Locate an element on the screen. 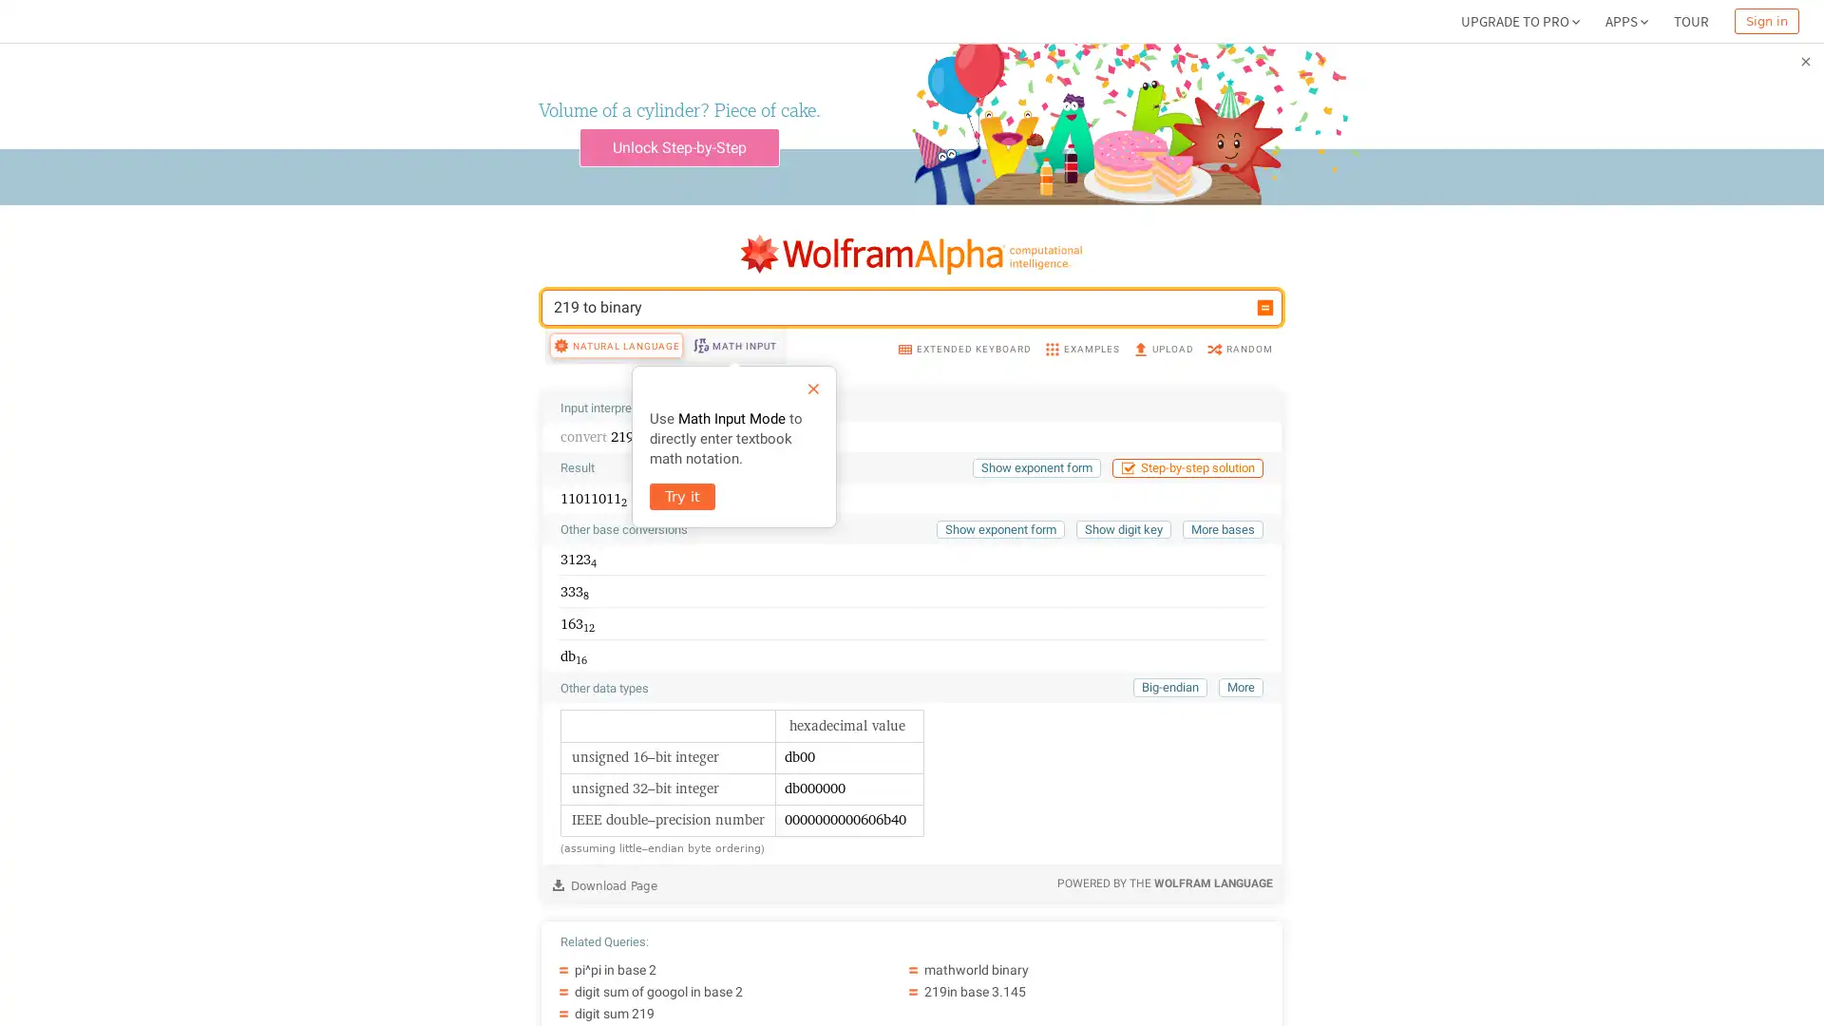  RANDOM is located at coordinates (1239, 385).